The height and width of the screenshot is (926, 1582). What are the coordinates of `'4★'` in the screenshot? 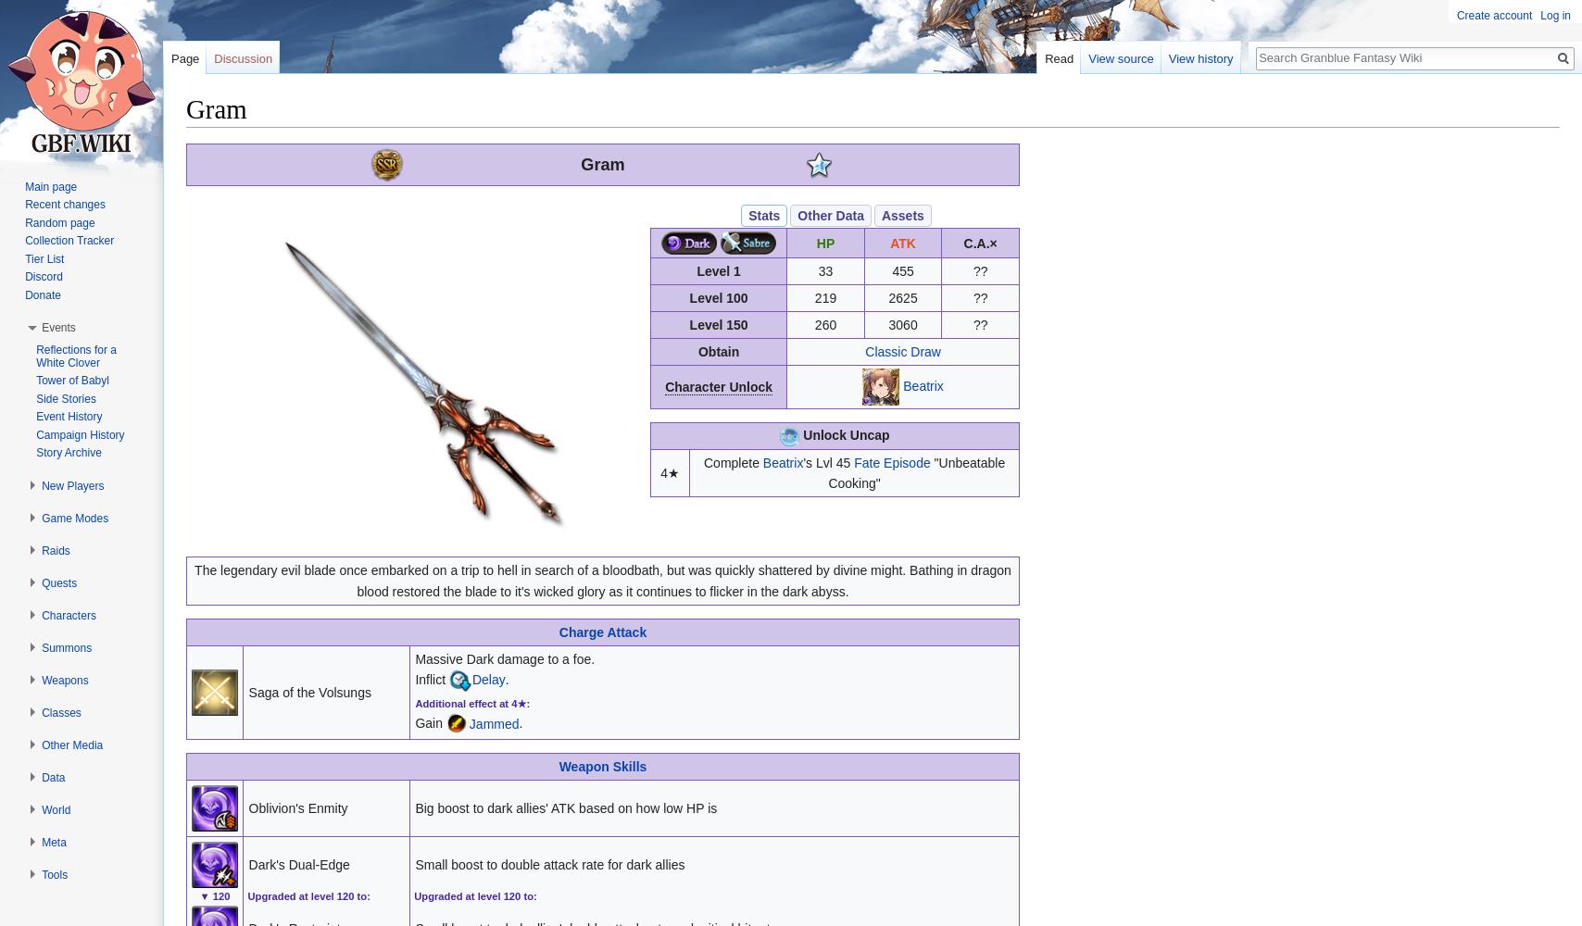 It's located at (669, 472).